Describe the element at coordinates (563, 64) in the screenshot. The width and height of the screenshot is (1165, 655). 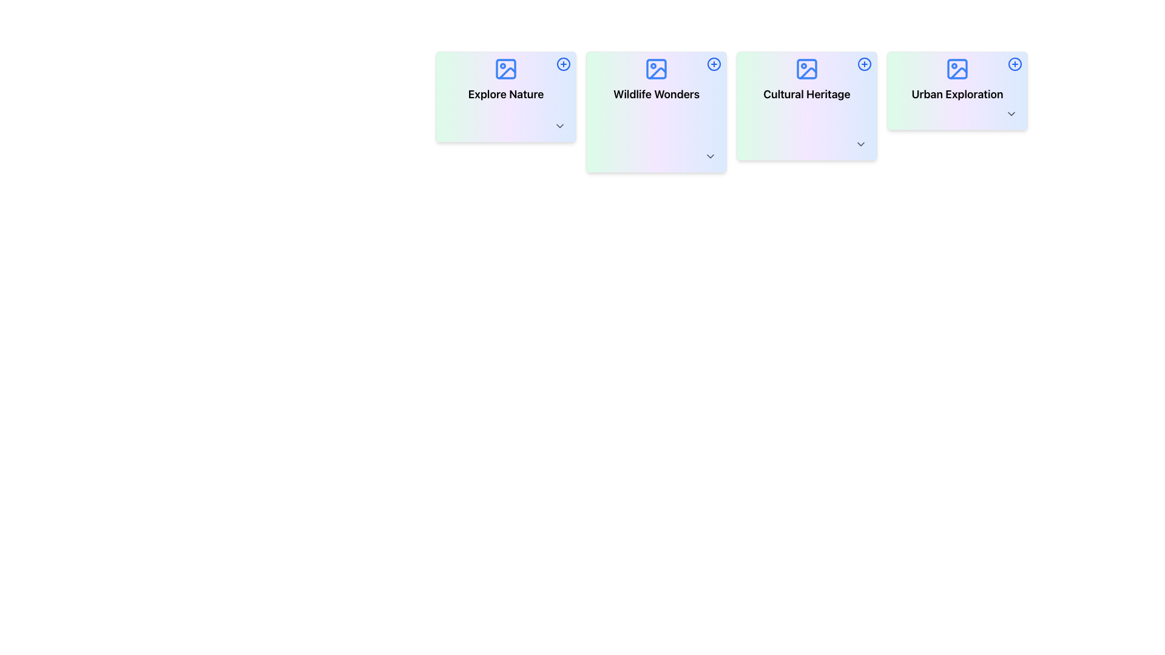
I see `the blue circular icon with a plus sign located in the top-right corner of the 'Explore Nature' card` at that location.